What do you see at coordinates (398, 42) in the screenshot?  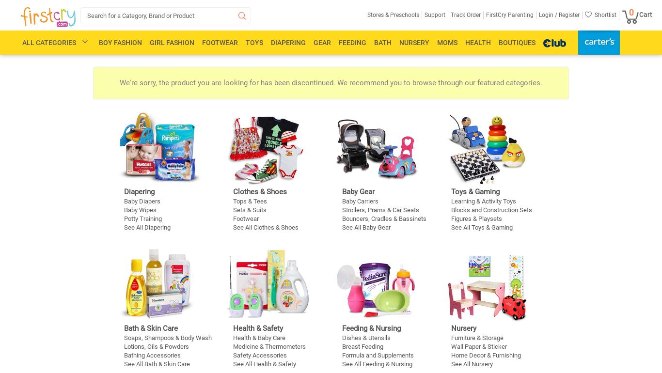 I see `'Nursery'` at bounding box center [398, 42].